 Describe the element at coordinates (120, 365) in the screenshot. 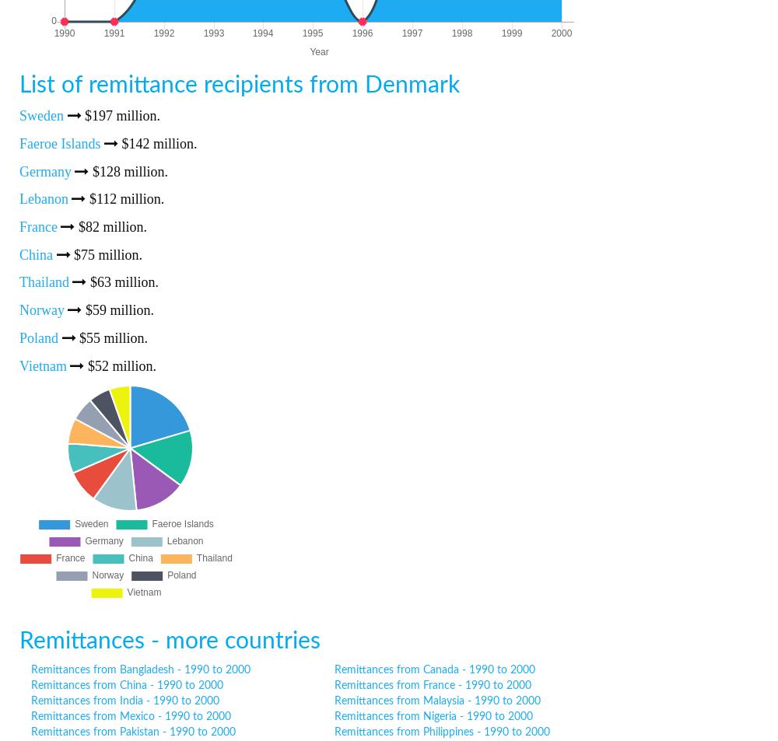

I see `'$52 million.'` at that location.